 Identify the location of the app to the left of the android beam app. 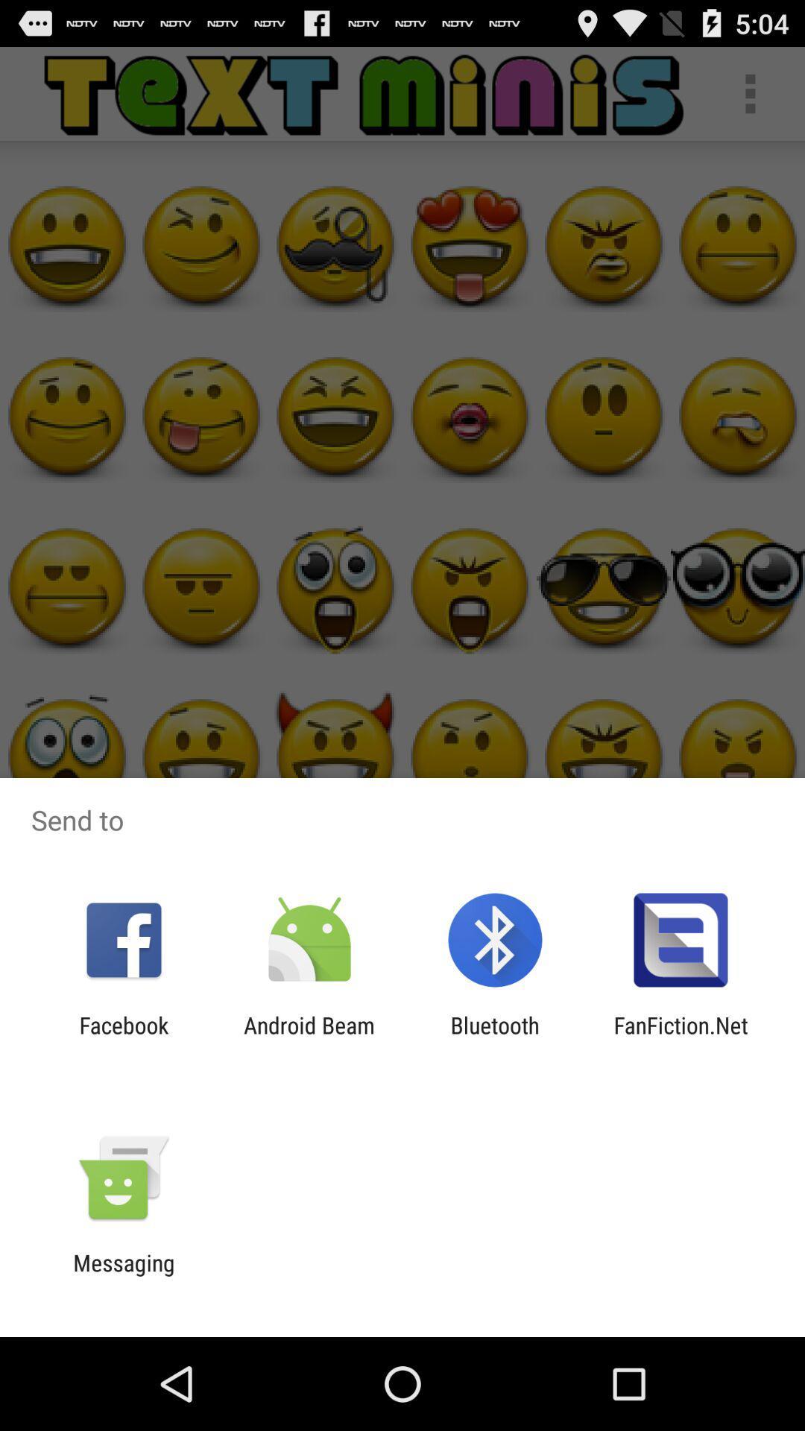
(123, 1037).